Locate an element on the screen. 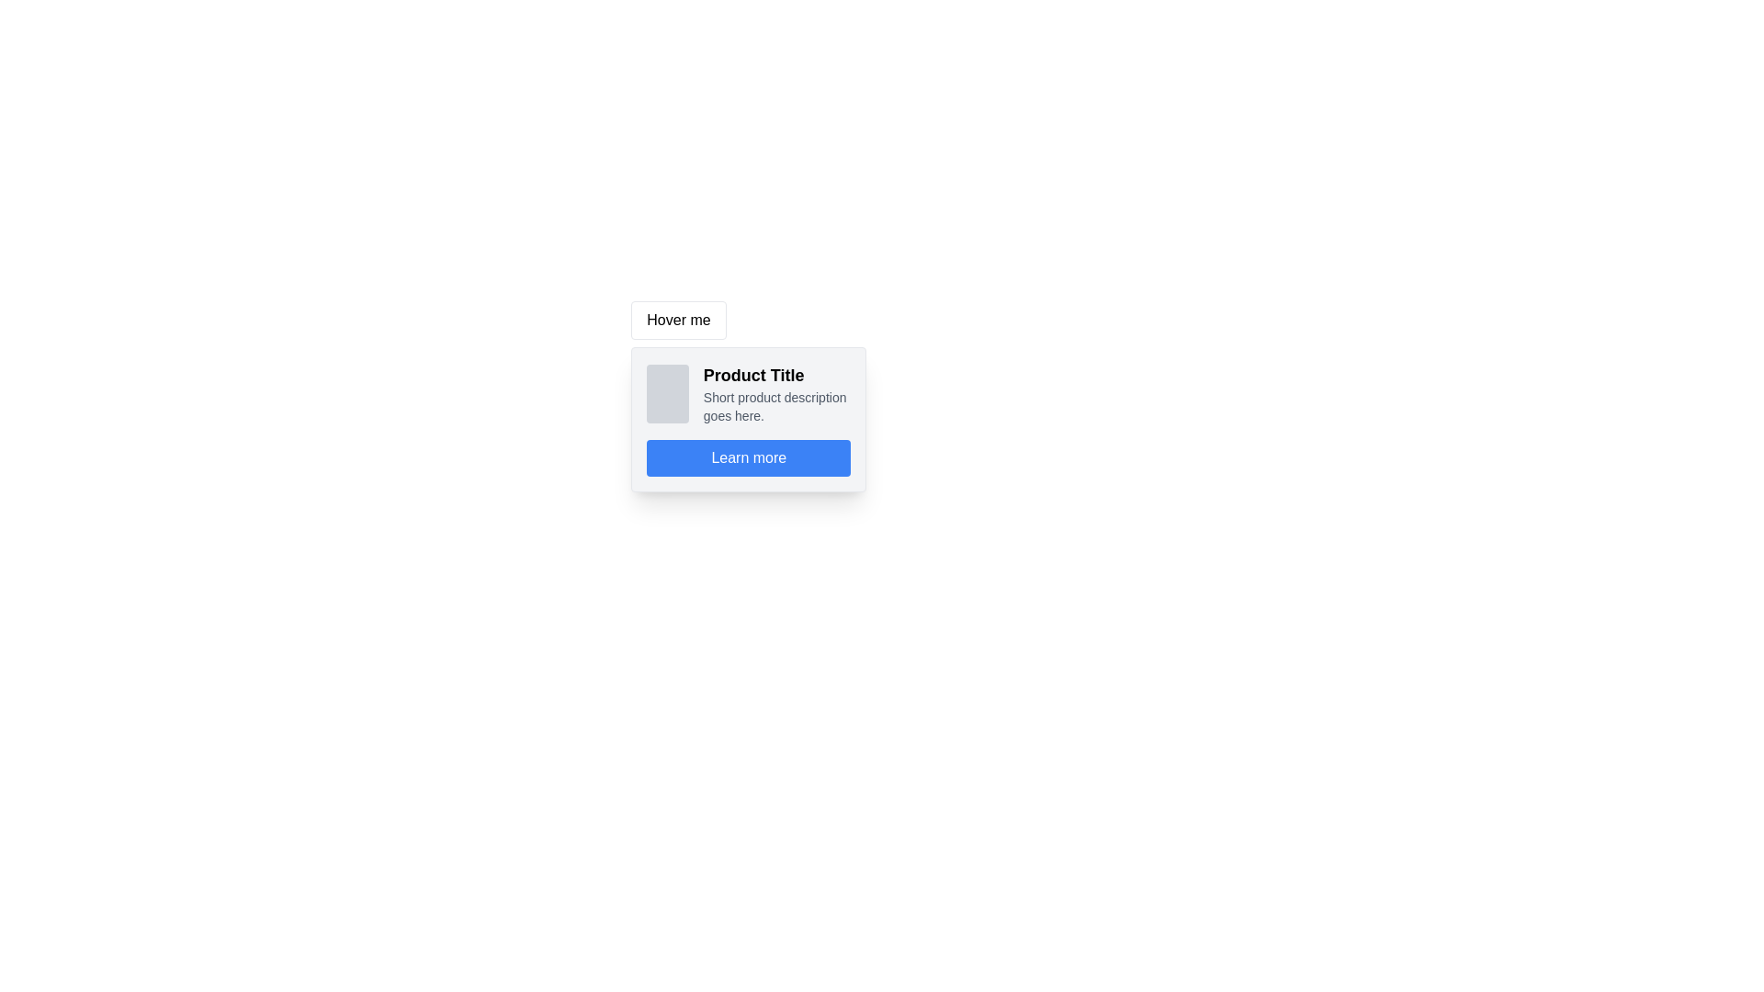 The height and width of the screenshot is (992, 1764). the static text element displaying 'Short product description goes here.' which is located below the 'Product Title' in a white card-like section is located at coordinates (777, 406).